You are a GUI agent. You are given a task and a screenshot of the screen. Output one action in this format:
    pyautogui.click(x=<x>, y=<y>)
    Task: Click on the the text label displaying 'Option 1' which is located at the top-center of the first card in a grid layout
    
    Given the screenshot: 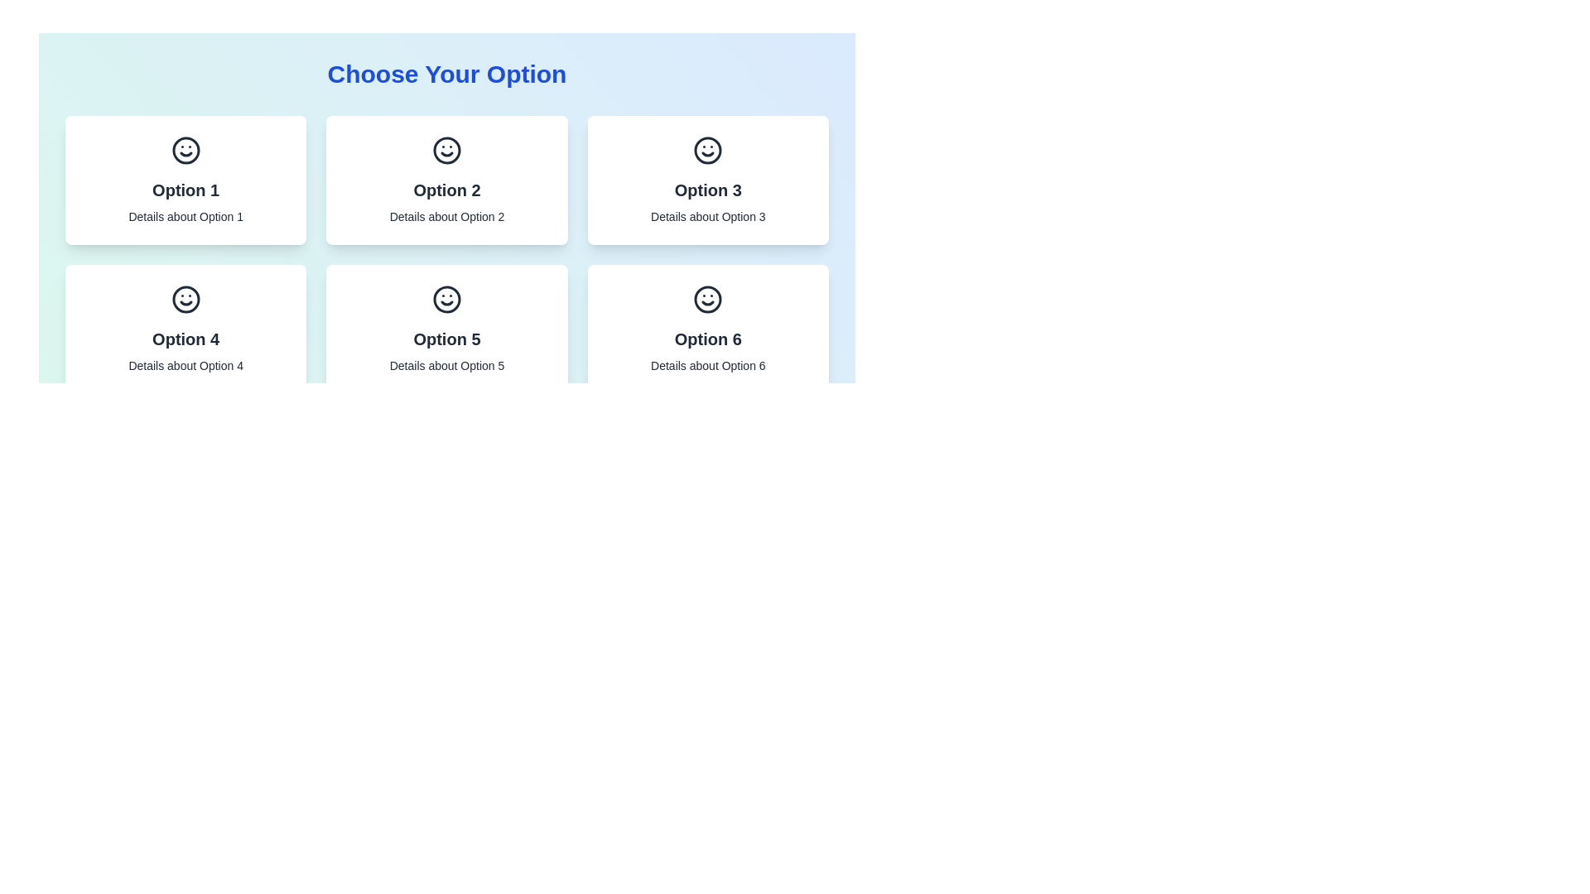 What is the action you would take?
    pyautogui.click(x=185, y=190)
    